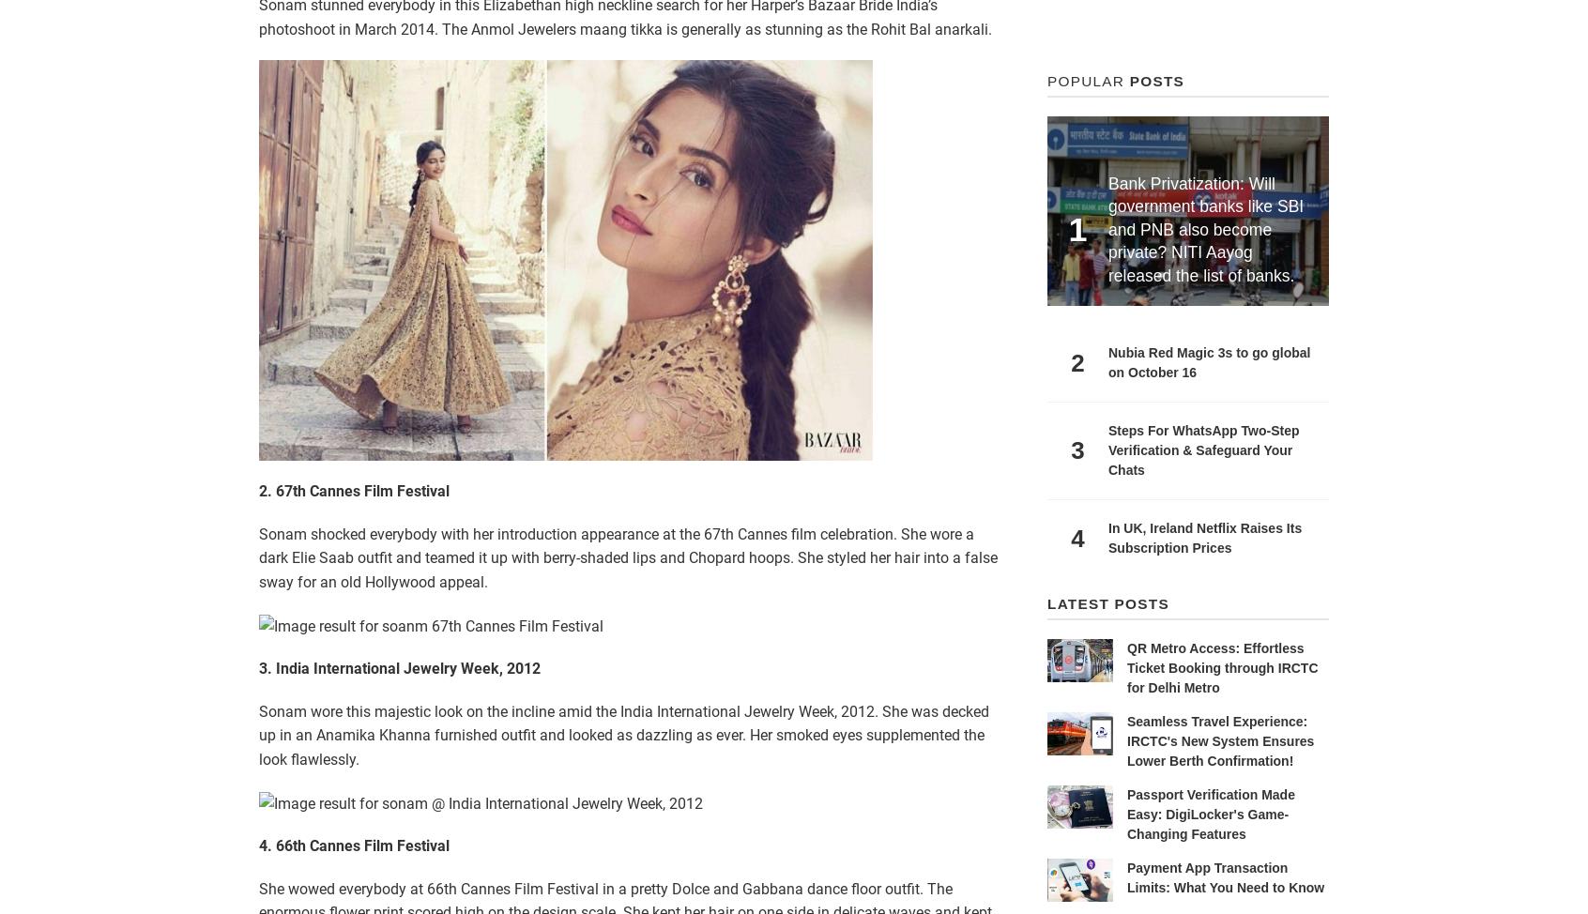  What do you see at coordinates (1202, 449) in the screenshot?
I see `'Steps For WhatsApp Two-Step Verification & Safeguard Your Chats'` at bounding box center [1202, 449].